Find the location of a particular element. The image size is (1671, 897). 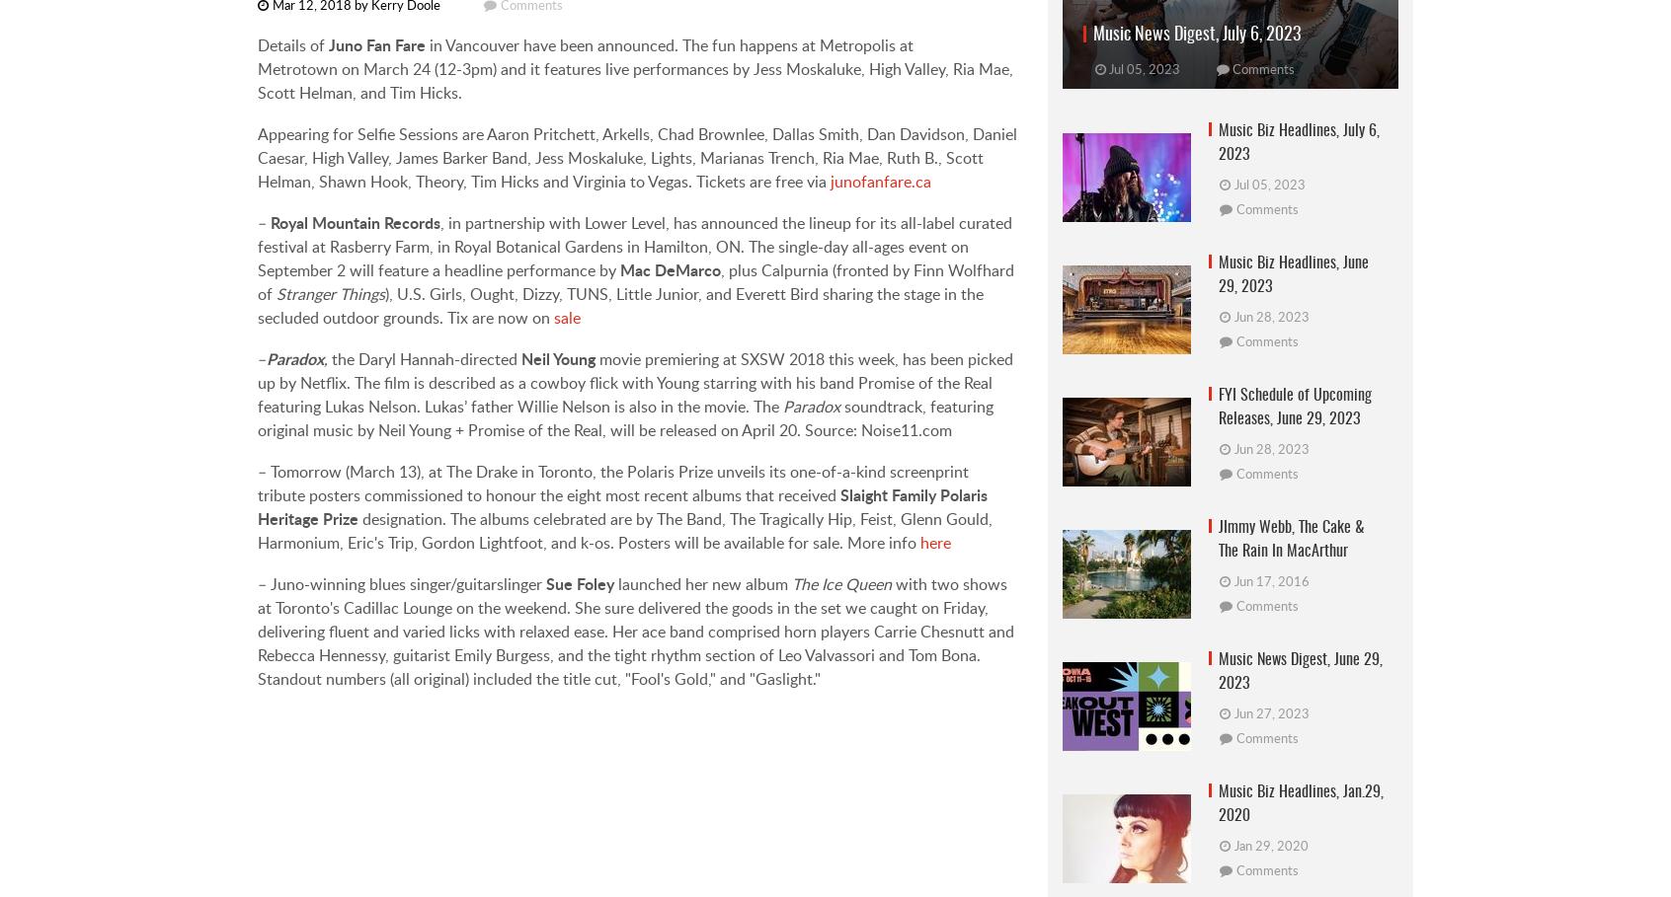

'Jan 29, 2020' is located at coordinates (1234, 845).